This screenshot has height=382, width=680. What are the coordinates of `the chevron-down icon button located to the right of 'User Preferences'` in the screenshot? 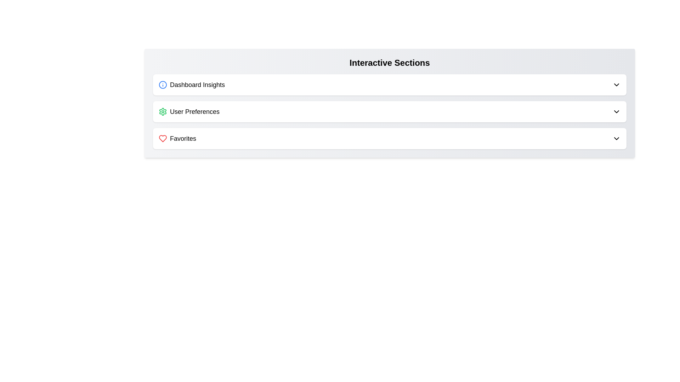 It's located at (616, 111).